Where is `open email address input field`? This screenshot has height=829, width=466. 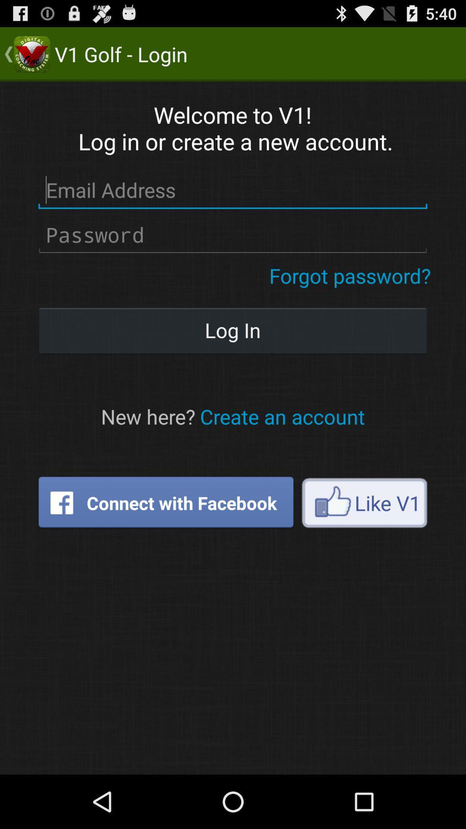
open email address input field is located at coordinates (232, 190).